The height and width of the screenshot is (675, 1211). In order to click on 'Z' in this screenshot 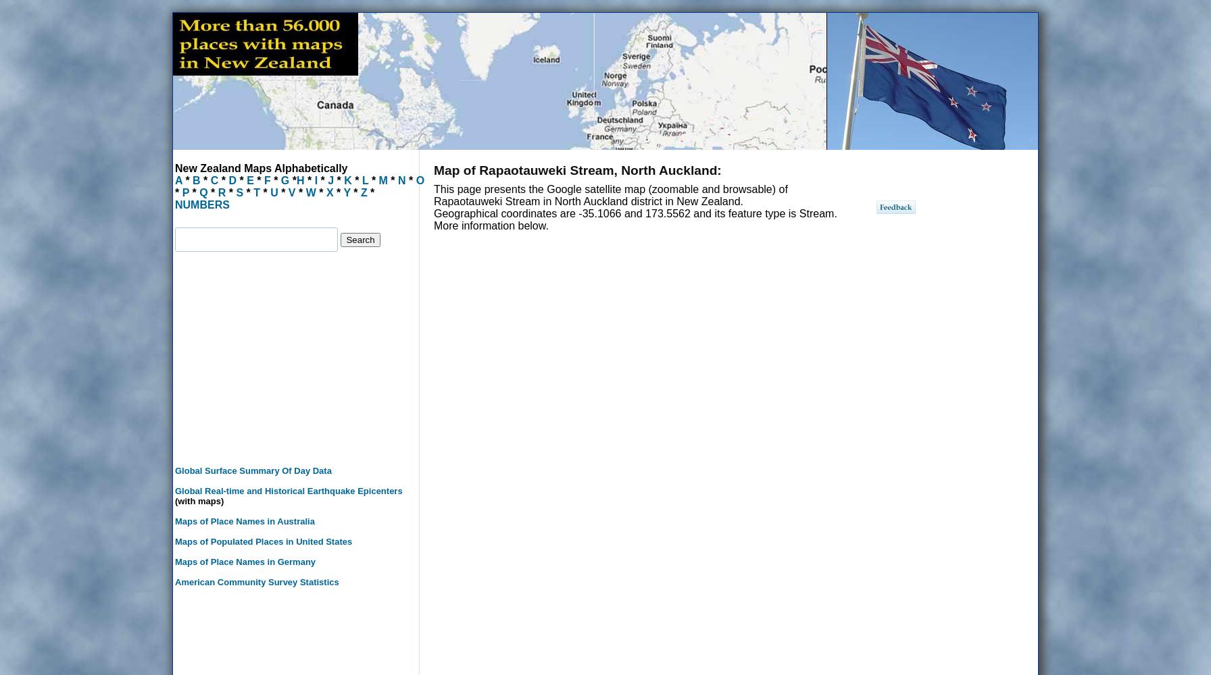, I will do `click(363, 192)`.